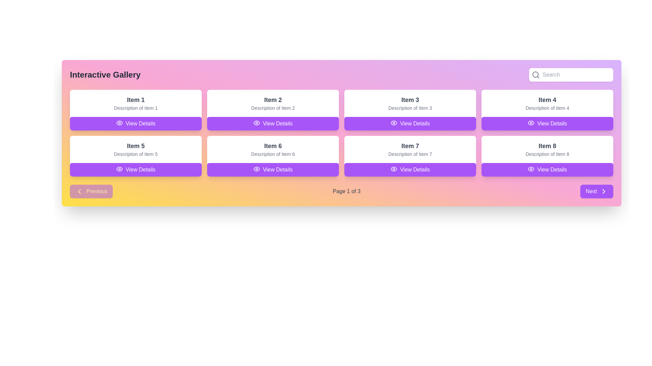  What do you see at coordinates (410, 156) in the screenshot?
I see `the informational card displaying details about 'Item 7' located in the second row, third column of the grid layout` at bounding box center [410, 156].